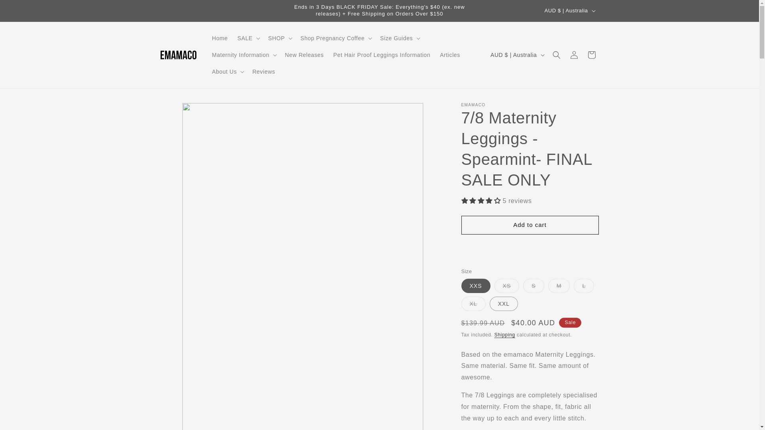  I want to click on 'Home', so click(220, 38).